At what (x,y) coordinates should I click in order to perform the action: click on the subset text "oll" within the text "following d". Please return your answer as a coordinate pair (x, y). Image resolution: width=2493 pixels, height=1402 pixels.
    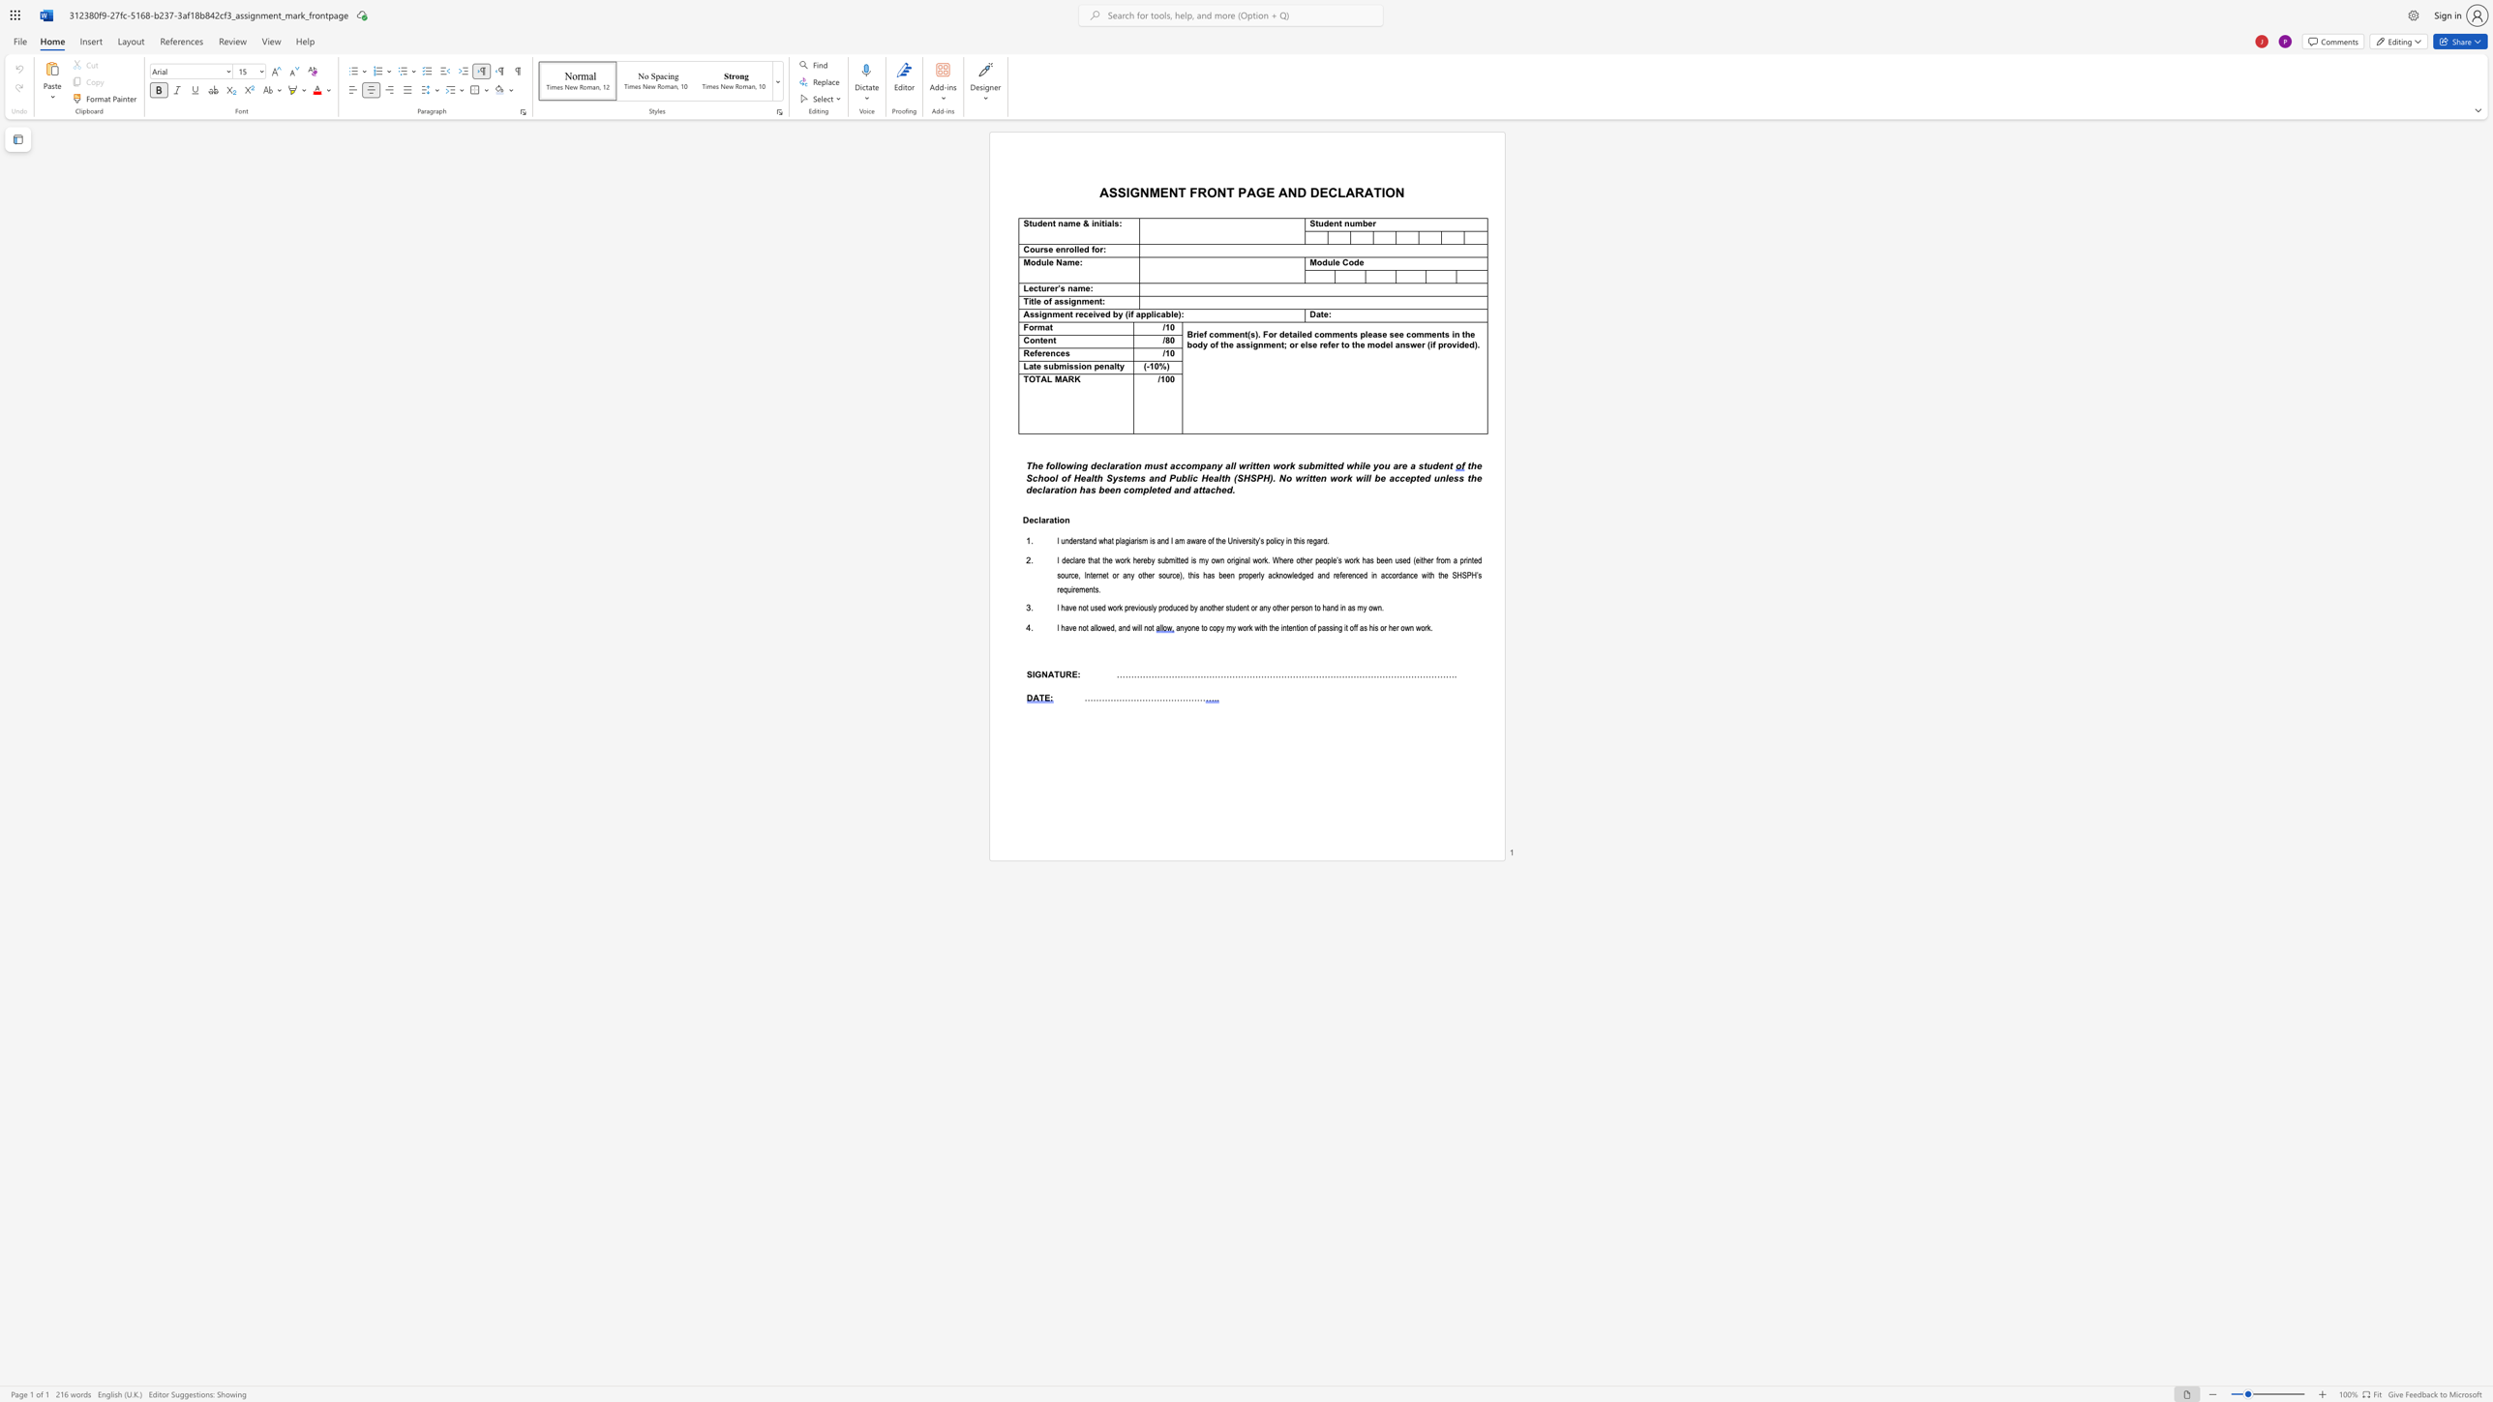
    Looking at the image, I should click on (1048, 465).